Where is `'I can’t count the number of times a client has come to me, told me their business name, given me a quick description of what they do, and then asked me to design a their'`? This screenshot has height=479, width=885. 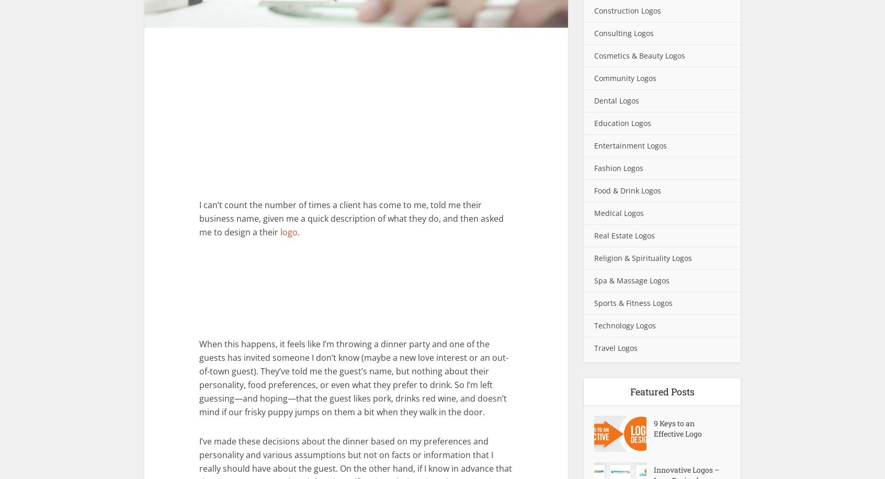
'I can’t count the number of times a client has come to me, told me their business name, given me a quick description of what they do, and then asked me to design a their' is located at coordinates (351, 218).